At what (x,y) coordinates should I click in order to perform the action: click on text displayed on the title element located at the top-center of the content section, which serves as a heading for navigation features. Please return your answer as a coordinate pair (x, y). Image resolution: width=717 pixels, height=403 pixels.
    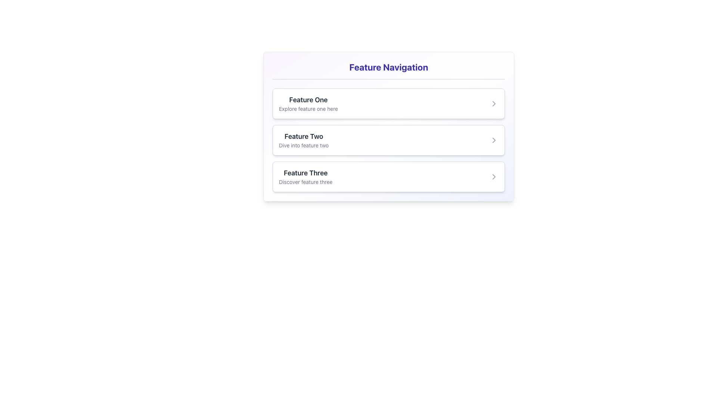
    Looking at the image, I should click on (388, 67).